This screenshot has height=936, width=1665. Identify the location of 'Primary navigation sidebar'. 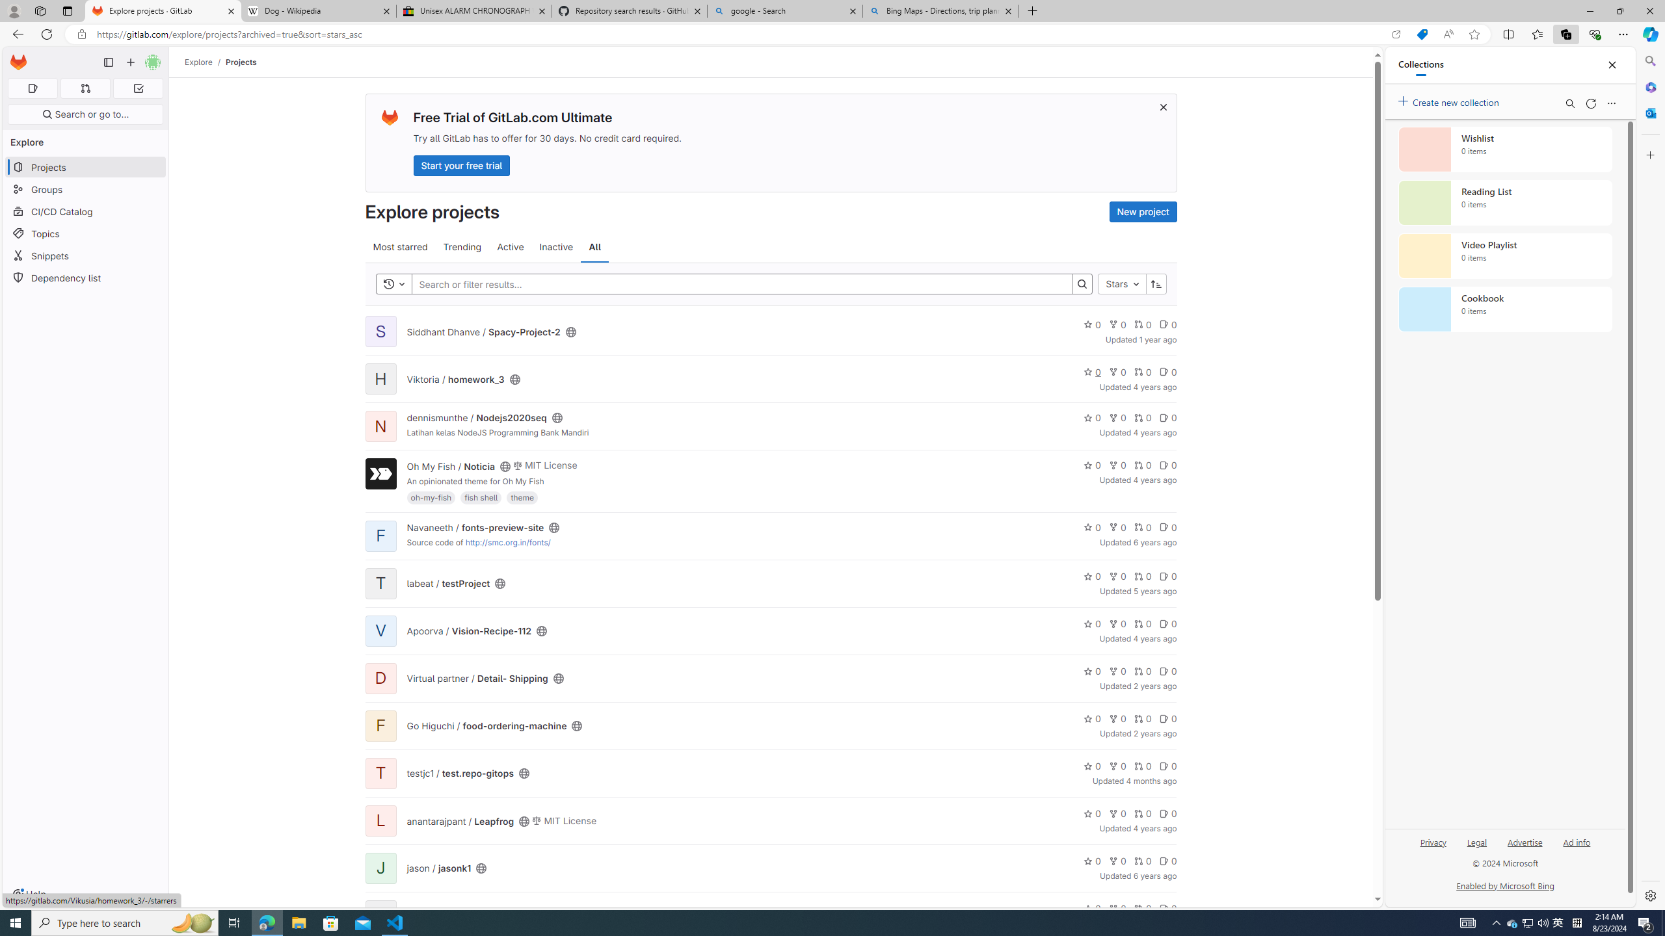
(108, 62).